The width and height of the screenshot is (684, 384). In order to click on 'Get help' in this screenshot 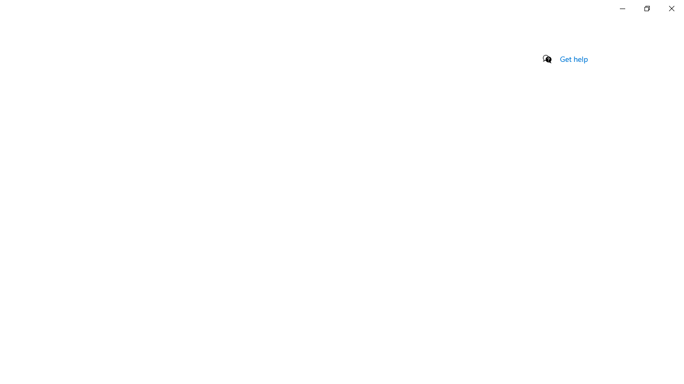, I will do `click(573, 59)`.